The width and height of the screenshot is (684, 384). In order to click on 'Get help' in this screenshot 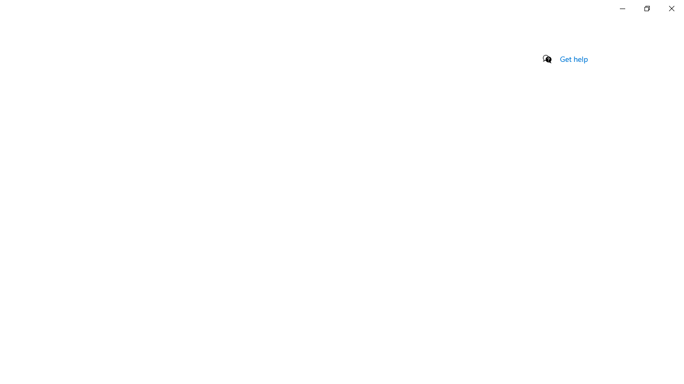, I will do `click(573, 59)`.